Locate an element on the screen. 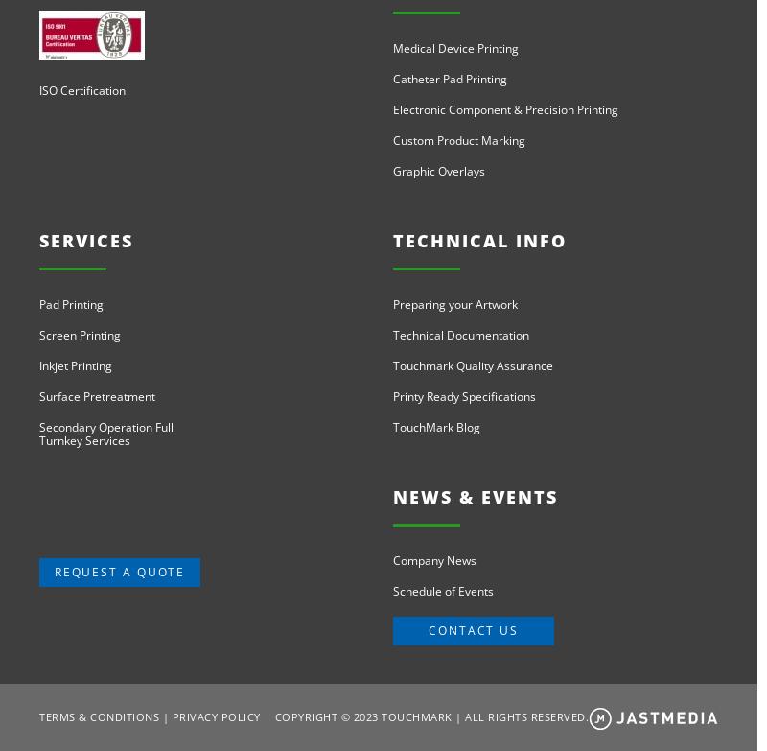 The image size is (767, 751). 'TouchMark Blog' is located at coordinates (435, 426).